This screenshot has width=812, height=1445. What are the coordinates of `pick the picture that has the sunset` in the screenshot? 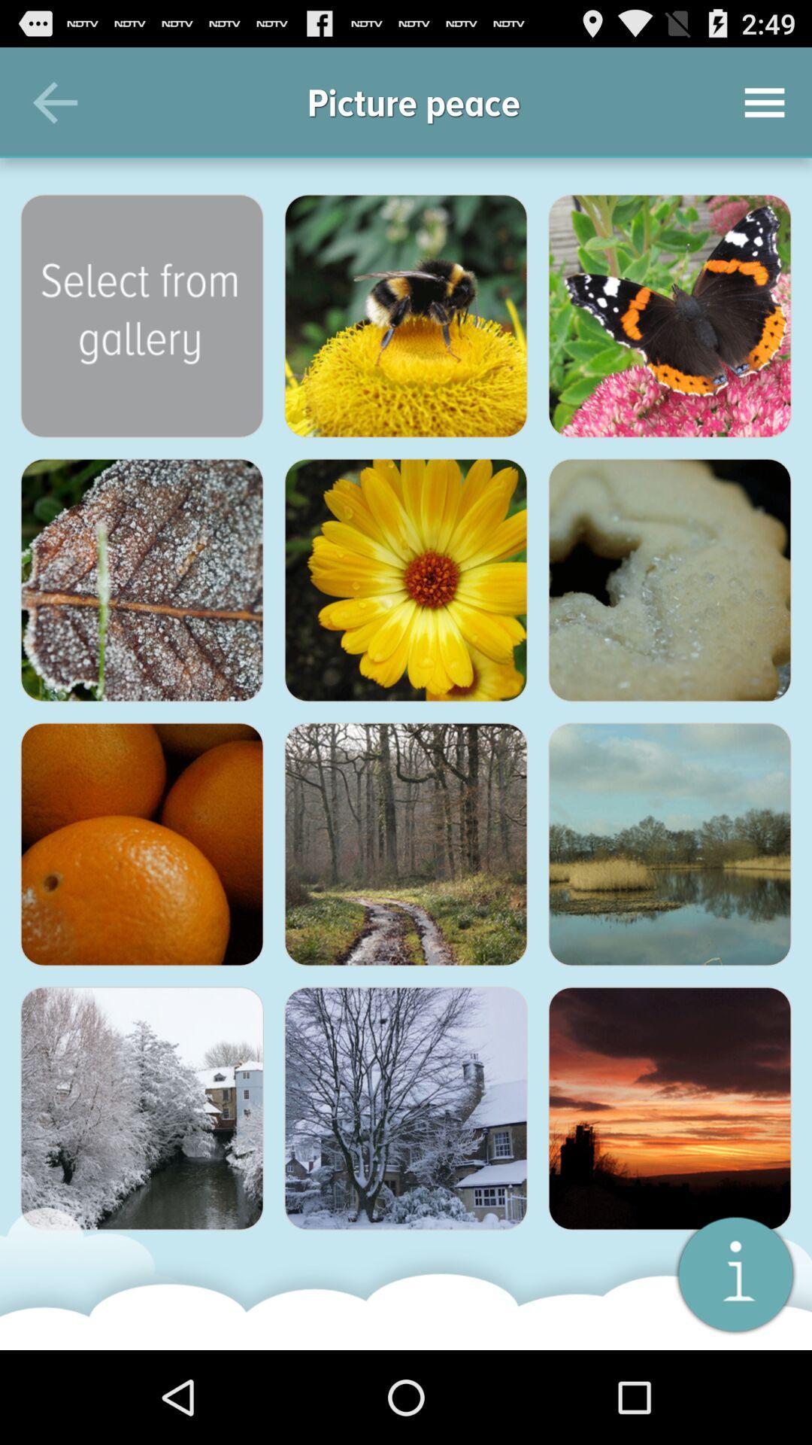 It's located at (669, 1109).